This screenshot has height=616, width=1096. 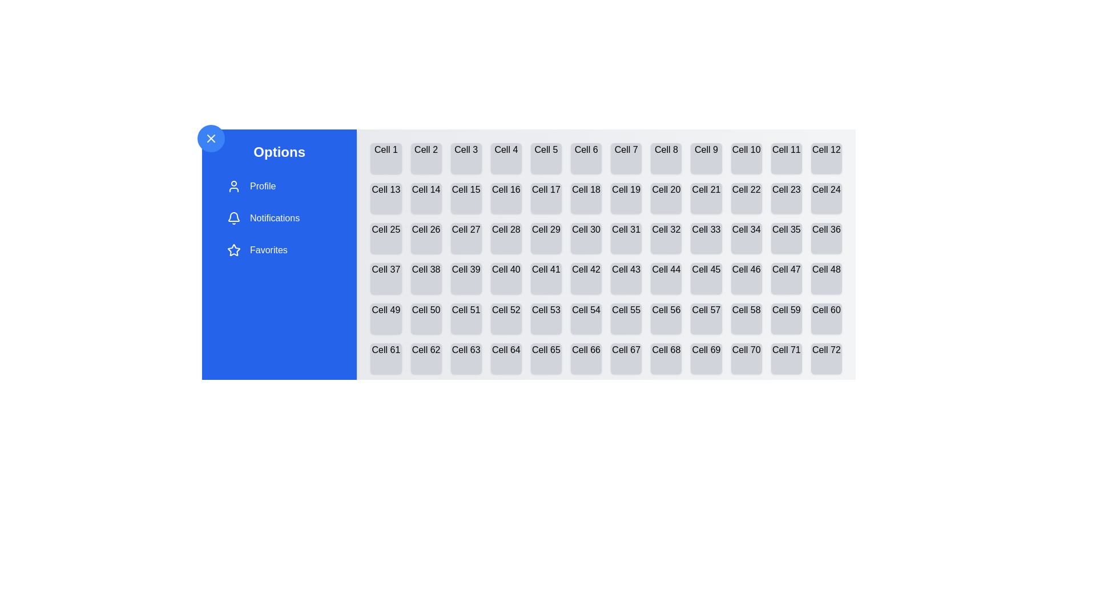 I want to click on the button in the top-left corner to toggle the drawer, so click(x=211, y=138).